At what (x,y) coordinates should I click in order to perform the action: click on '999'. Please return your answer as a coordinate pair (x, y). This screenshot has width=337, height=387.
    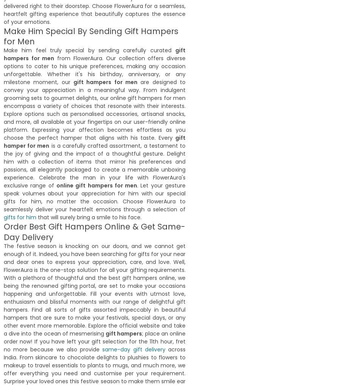
    Looking at the image, I should click on (110, 121).